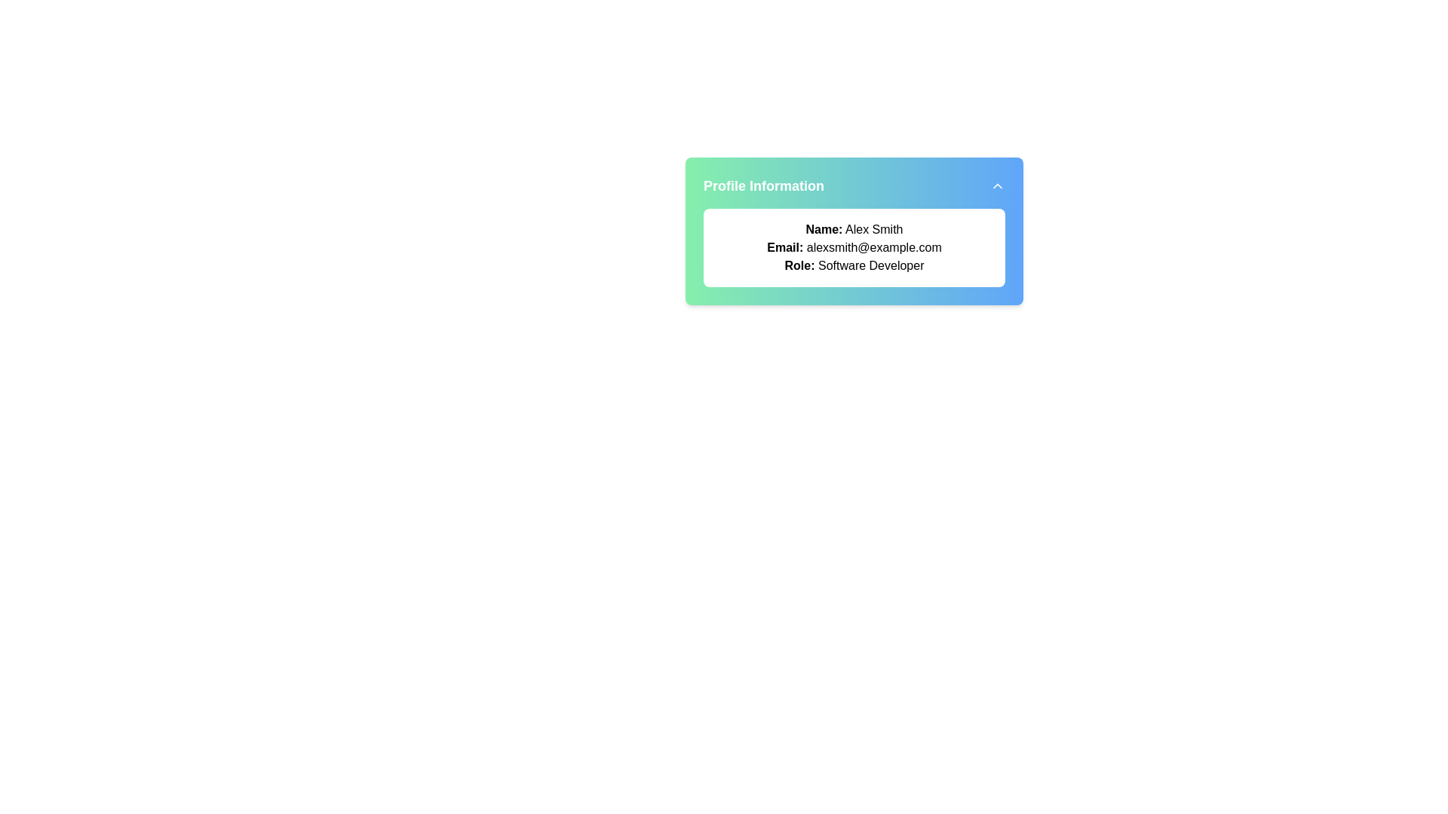 The width and height of the screenshot is (1448, 814). Describe the element at coordinates (998, 185) in the screenshot. I see `the button that collapses or scrolls up the 'Profile Information' section, located in the top-right corner of the header block` at that location.